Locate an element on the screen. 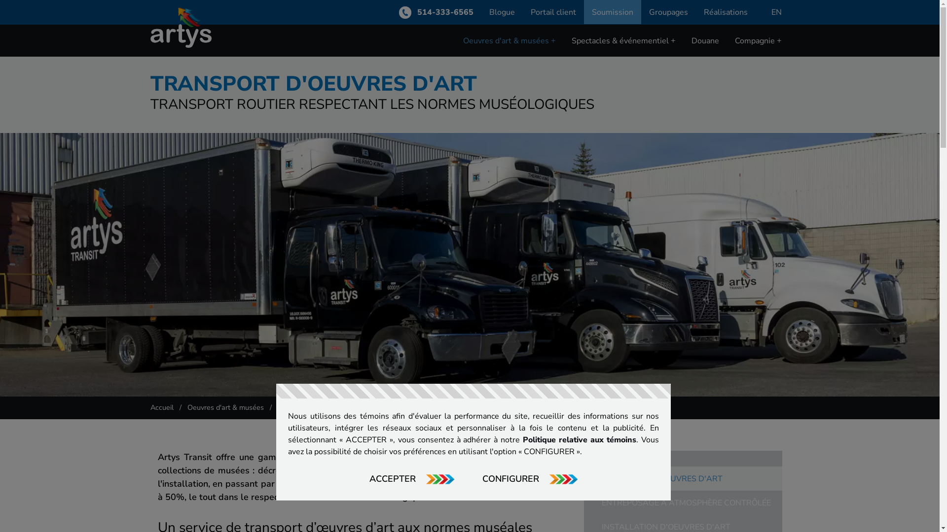  'Compagnie' is located at coordinates (758, 40).